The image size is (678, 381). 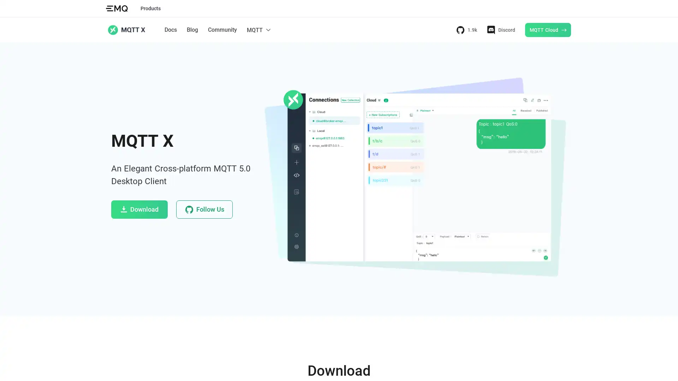 I want to click on MQTT, so click(x=258, y=29).